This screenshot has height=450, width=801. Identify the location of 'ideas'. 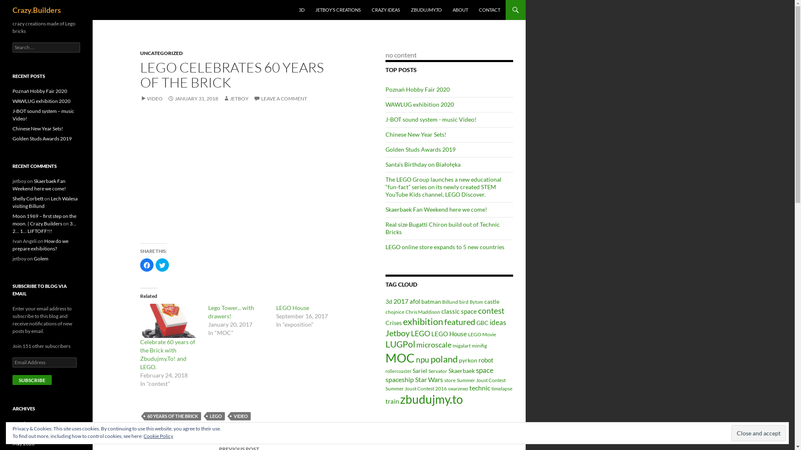
(490, 322).